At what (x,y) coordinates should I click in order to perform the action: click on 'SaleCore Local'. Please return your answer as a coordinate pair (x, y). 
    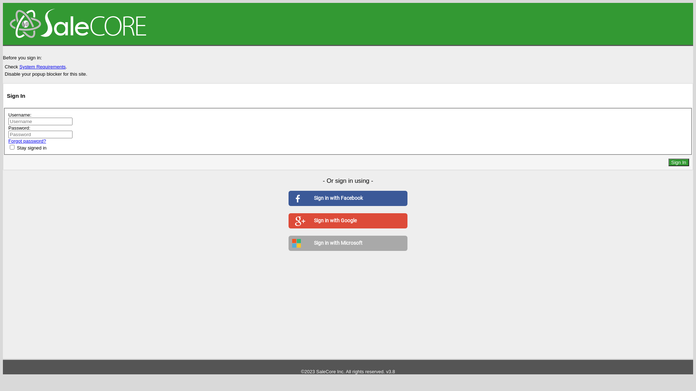
    Looking at the image, I should click on (348, 23).